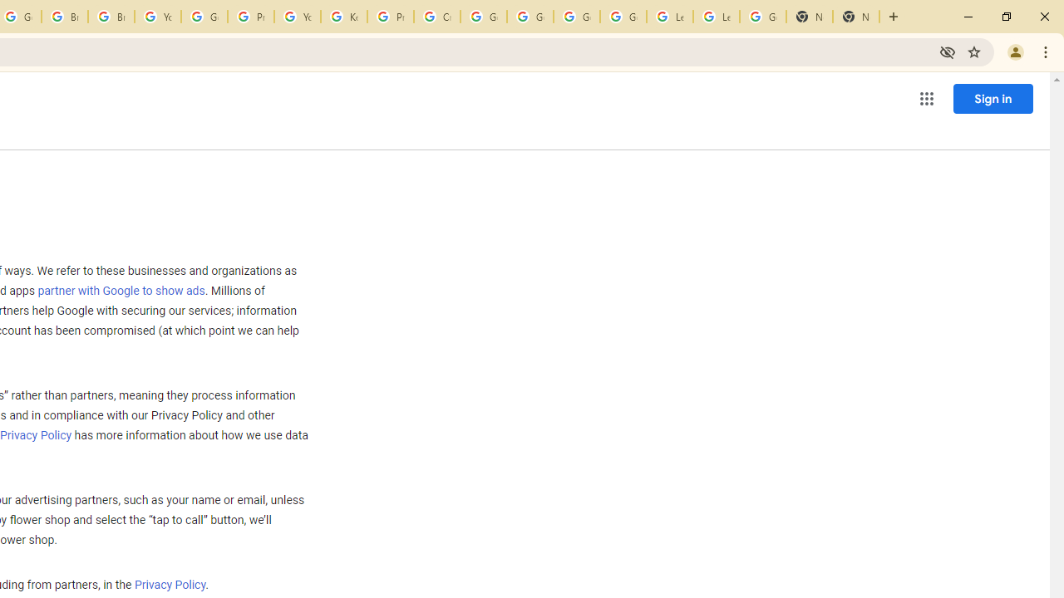 The height and width of the screenshot is (598, 1064). I want to click on 'Brand Resource Center', so click(65, 17).